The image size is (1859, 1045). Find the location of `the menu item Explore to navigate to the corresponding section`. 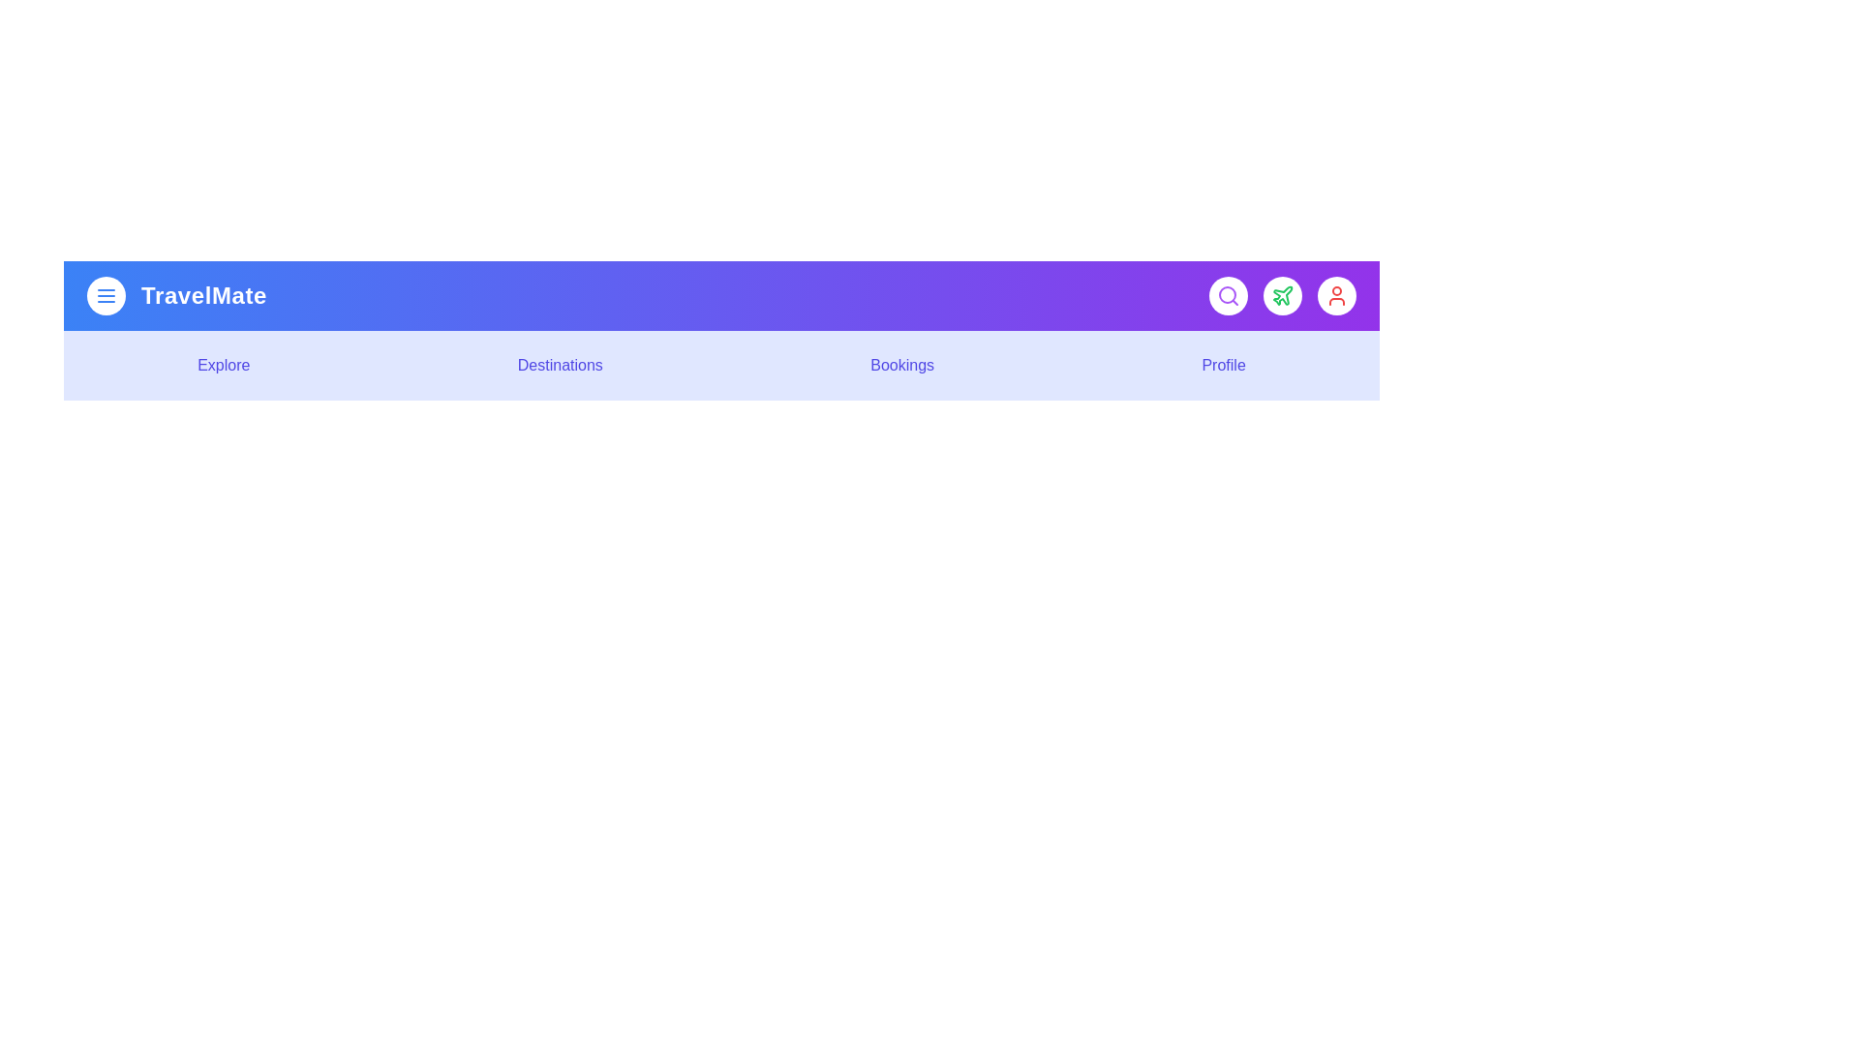

the menu item Explore to navigate to the corresponding section is located at coordinates (223, 366).